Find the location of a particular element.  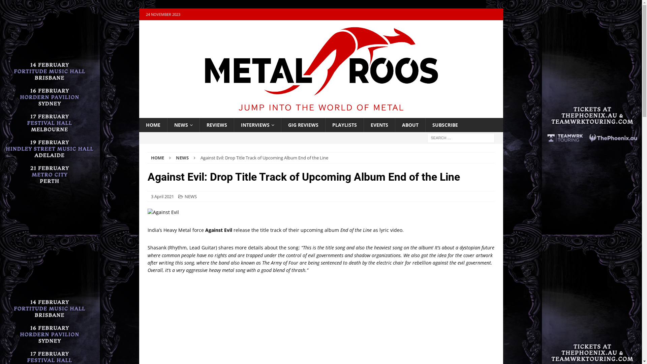

'3 April 2021' is located at coordinates (162, 196).